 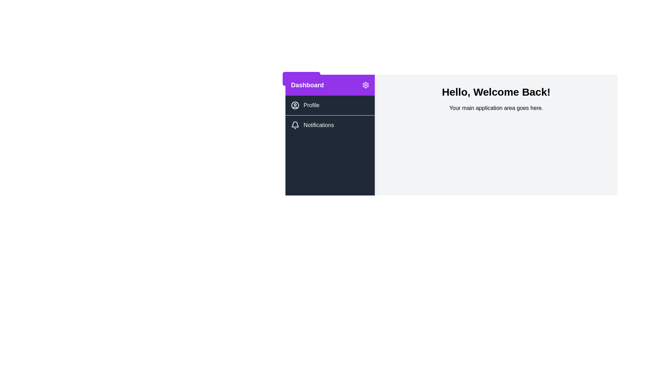 I want to click on the text label displaying 'Your main application area goes here.' which is styled in black on a light gray background, located below the header 'Hello, Welcome Back!', so click(x=496, y=108).